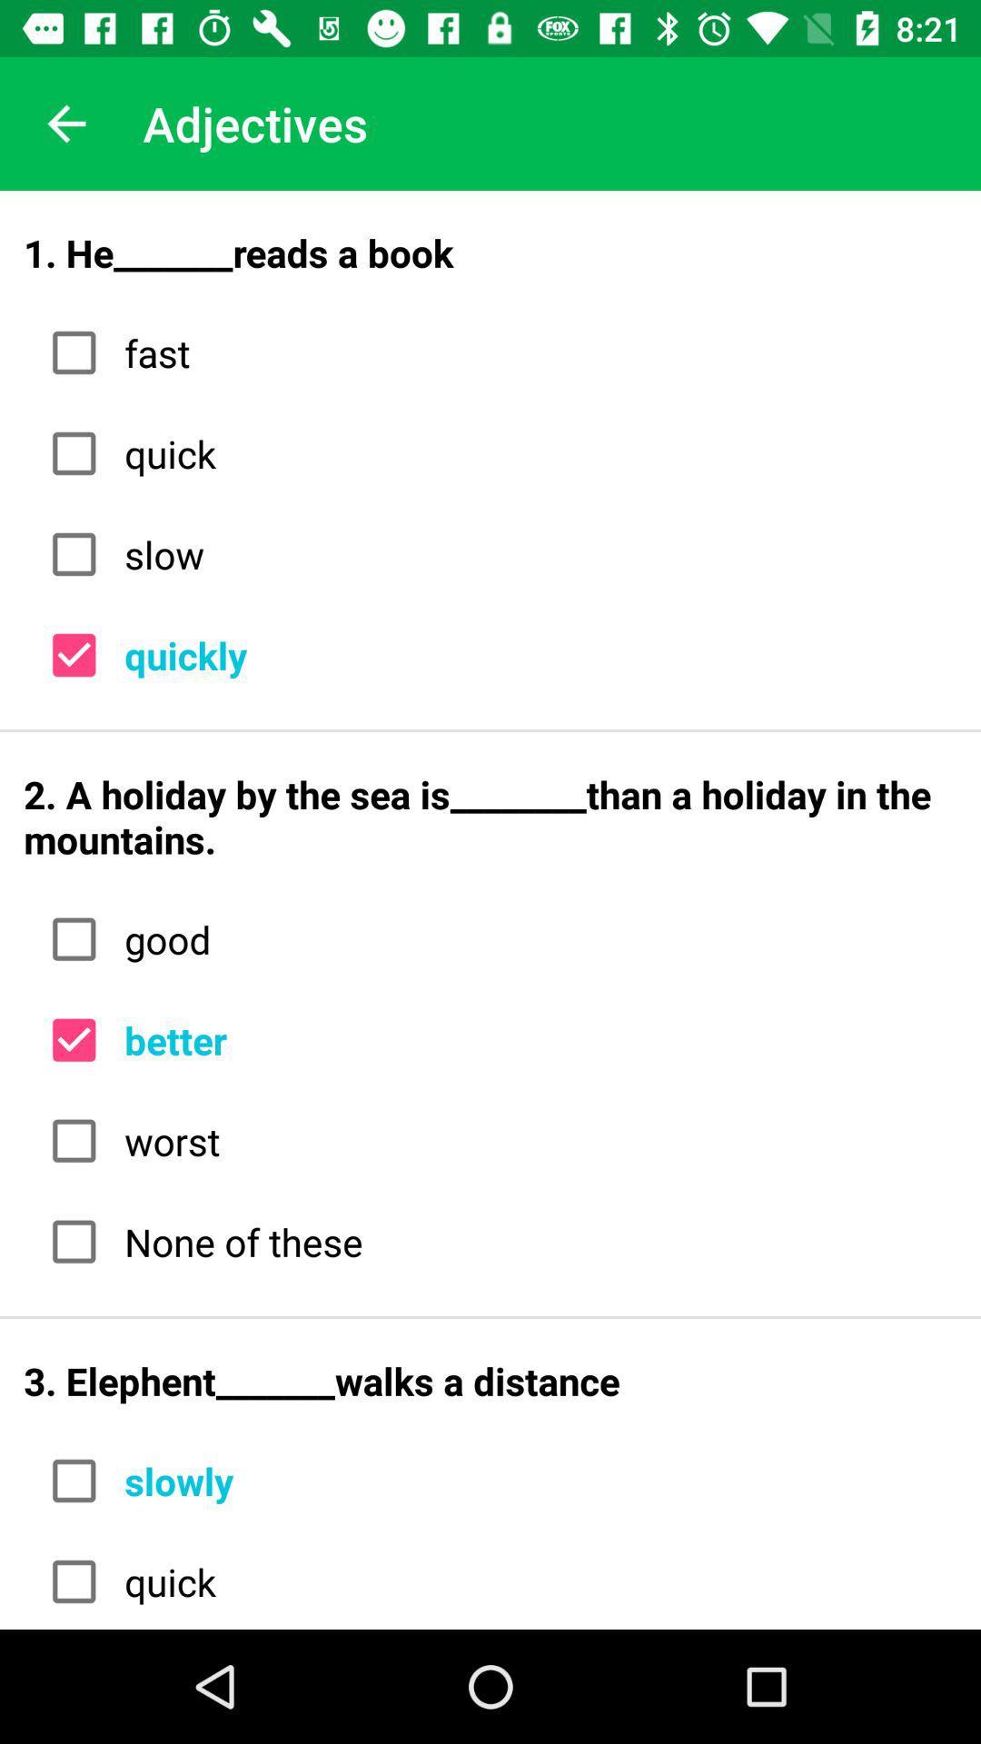 This screenshot has width=981, height=1744. Describe the element at coordinates (490, 1381) in the screenshot. I see `3 elephent_______walks a icon` at that location.